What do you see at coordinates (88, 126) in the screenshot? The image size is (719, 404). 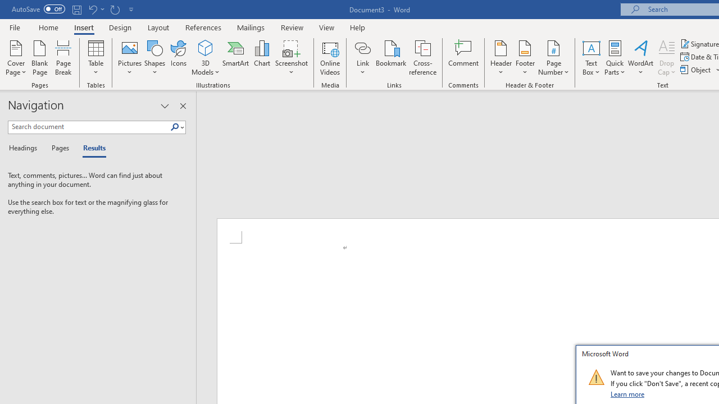 I see `'Search document'` at bounding box center [88, 126].